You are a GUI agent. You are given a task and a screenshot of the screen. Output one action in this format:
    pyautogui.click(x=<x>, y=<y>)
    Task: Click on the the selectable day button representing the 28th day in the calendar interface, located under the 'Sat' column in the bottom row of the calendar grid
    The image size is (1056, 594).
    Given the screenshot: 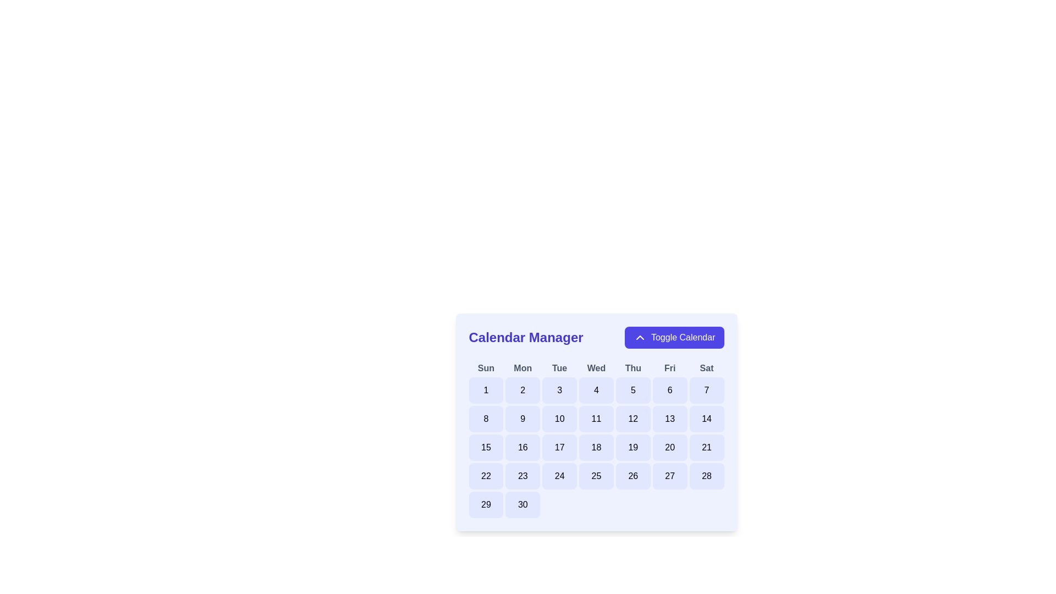 What is the action you would take?
    pyautogui.click(x=707, y=476)
    